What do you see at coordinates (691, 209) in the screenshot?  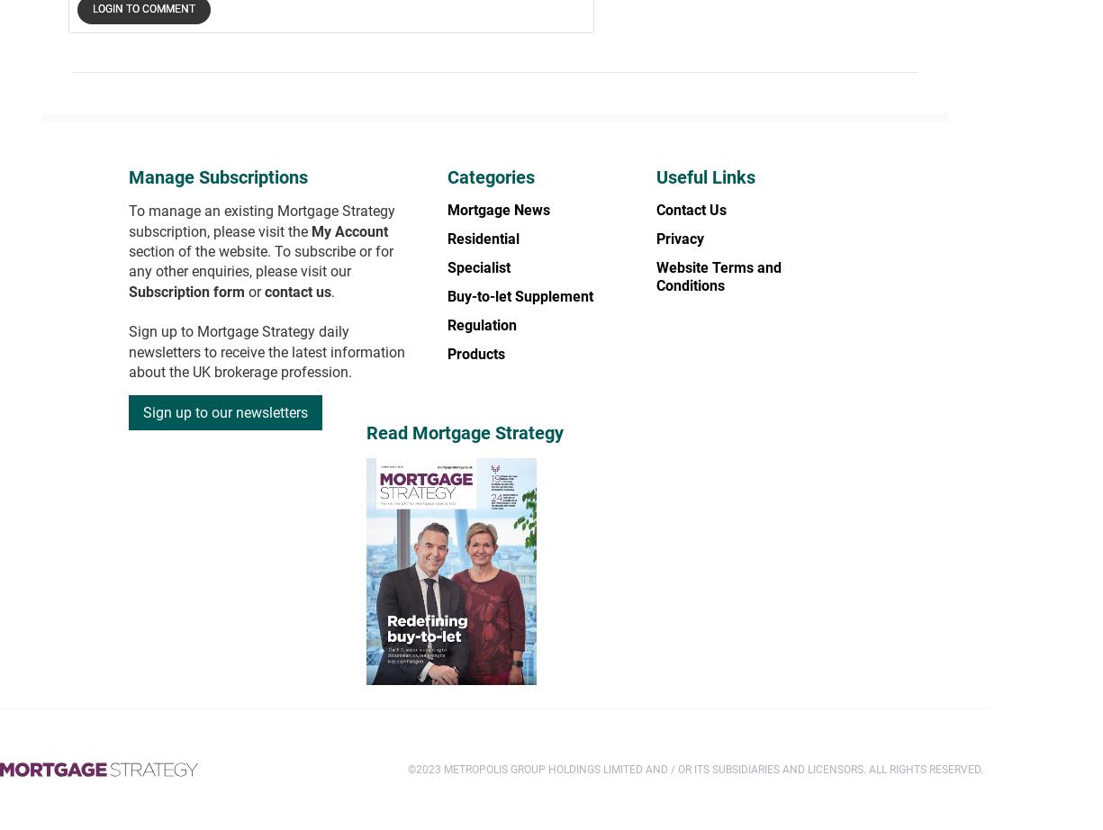 I see `'Contact Us'` at bounding box center [691, 209].